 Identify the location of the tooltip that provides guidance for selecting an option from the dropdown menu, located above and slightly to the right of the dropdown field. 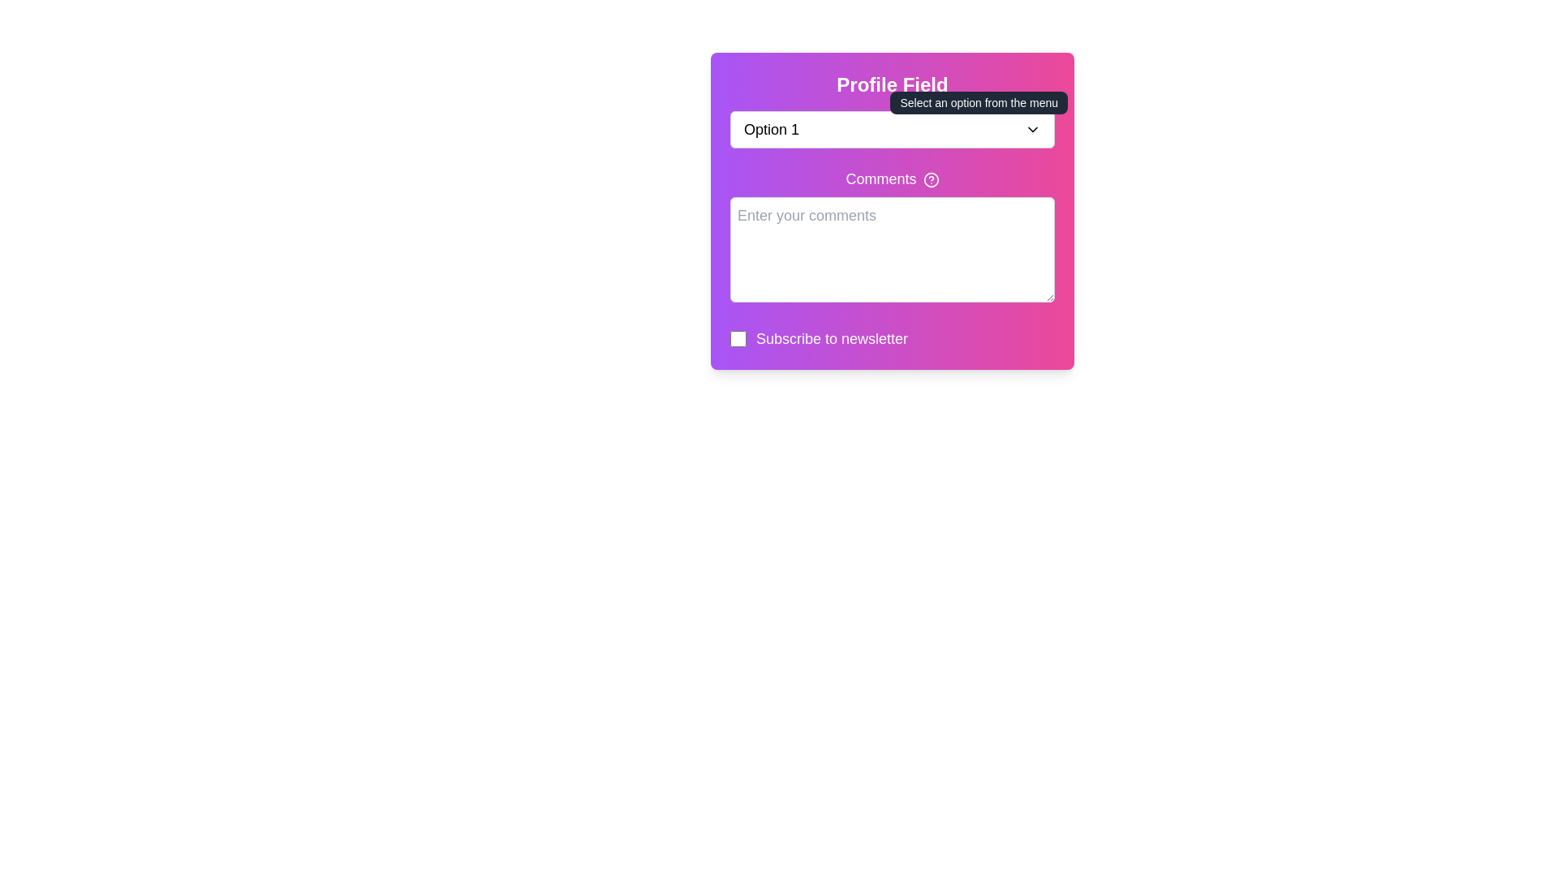
(978, 103).